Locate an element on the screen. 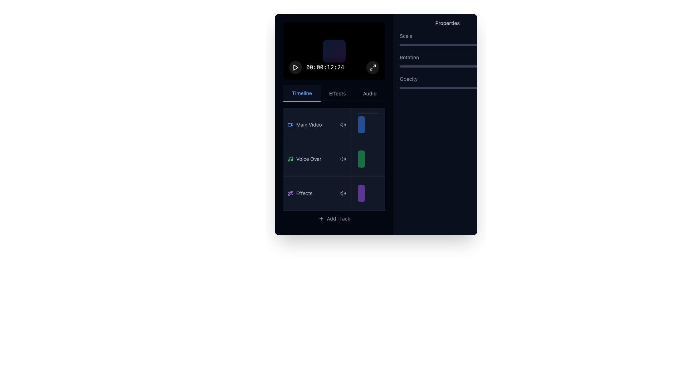  the Draggable handle located in the 'Effects' row of the 'Timeline' panel, which is the third row below the 'Voice Over' row is located at coordinates (361, 193).